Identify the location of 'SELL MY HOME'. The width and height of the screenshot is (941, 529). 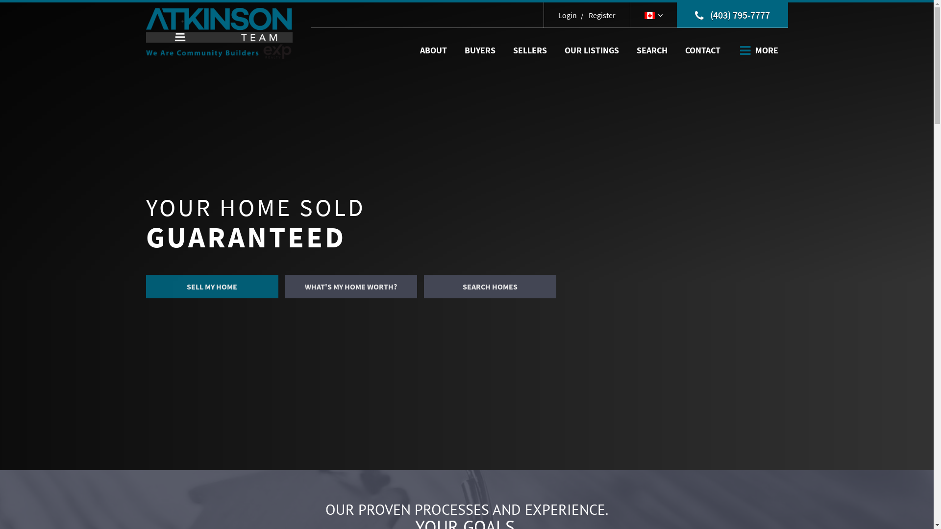
(211, 287).